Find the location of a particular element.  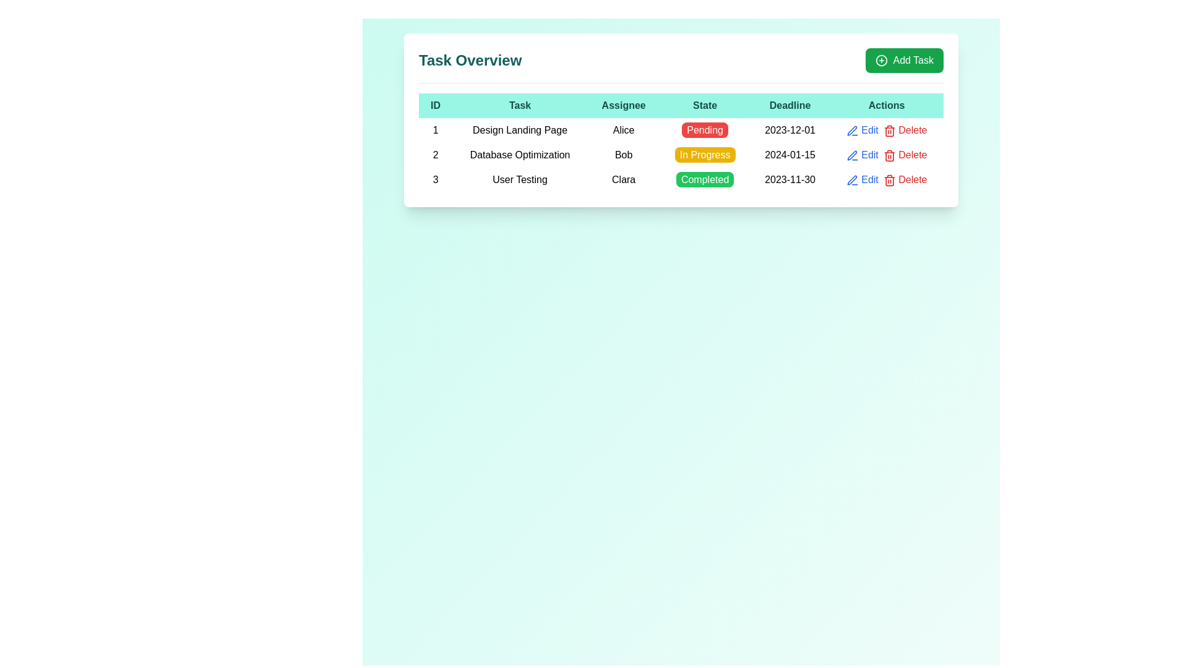

the 'Task' text label, which is the second header in a row of headers at the top of a data table, styled with a teal background and dark text is located at coordinates (520, 105).